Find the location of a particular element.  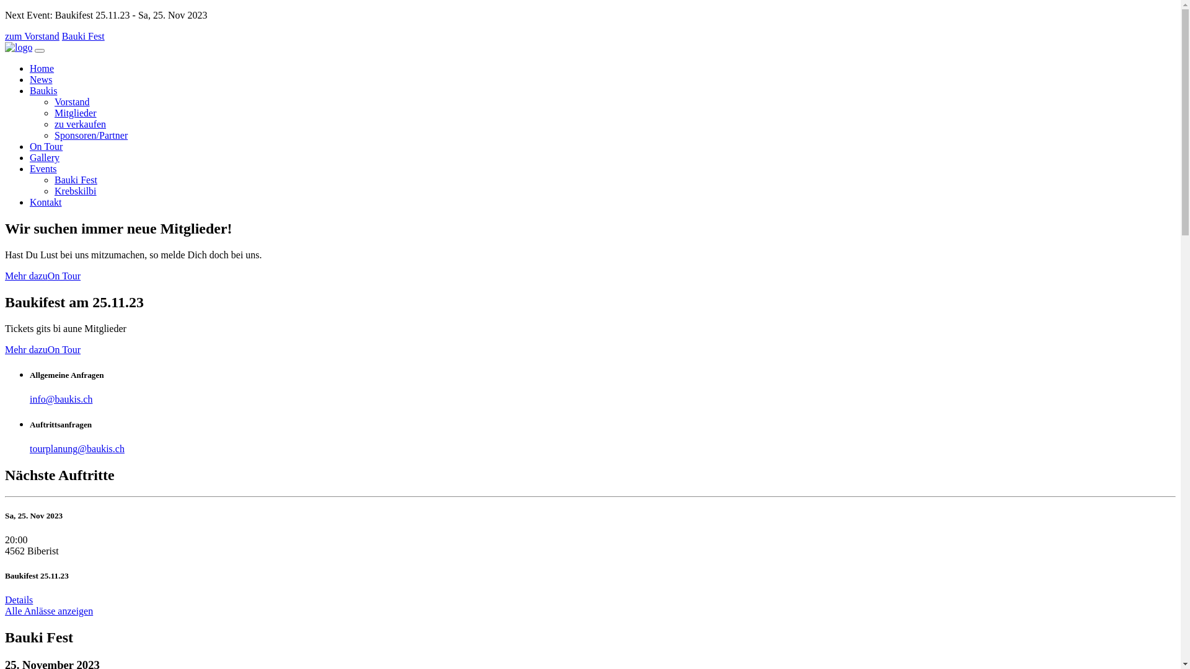

'Krebskilbi' is located at coordinates (53, 191).